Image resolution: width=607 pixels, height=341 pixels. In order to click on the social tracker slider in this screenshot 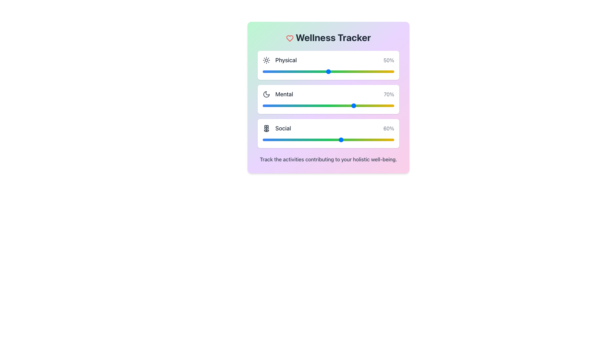, I will do `click(264, 140)`.